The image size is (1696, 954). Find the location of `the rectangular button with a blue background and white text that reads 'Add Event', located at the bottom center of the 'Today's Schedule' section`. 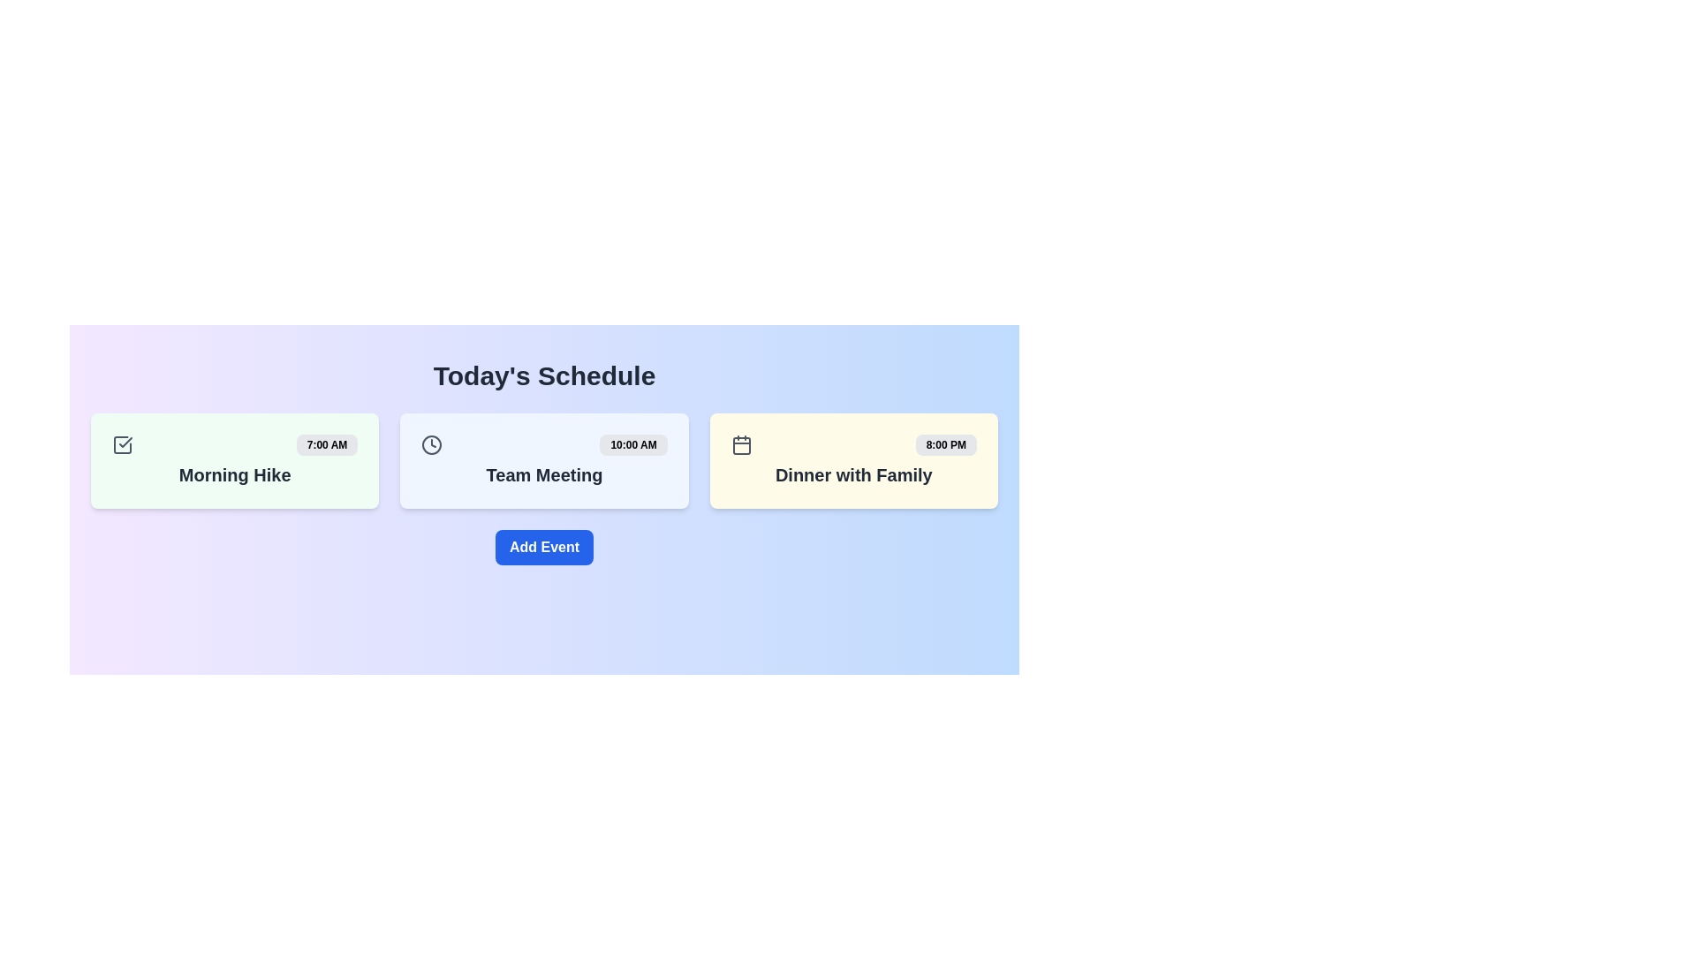

the rectangular button with a blue background and white text that reads 'Add Event', located at the bottom center of the 'Today's Schedule' section is located at coordinates (543, 547).